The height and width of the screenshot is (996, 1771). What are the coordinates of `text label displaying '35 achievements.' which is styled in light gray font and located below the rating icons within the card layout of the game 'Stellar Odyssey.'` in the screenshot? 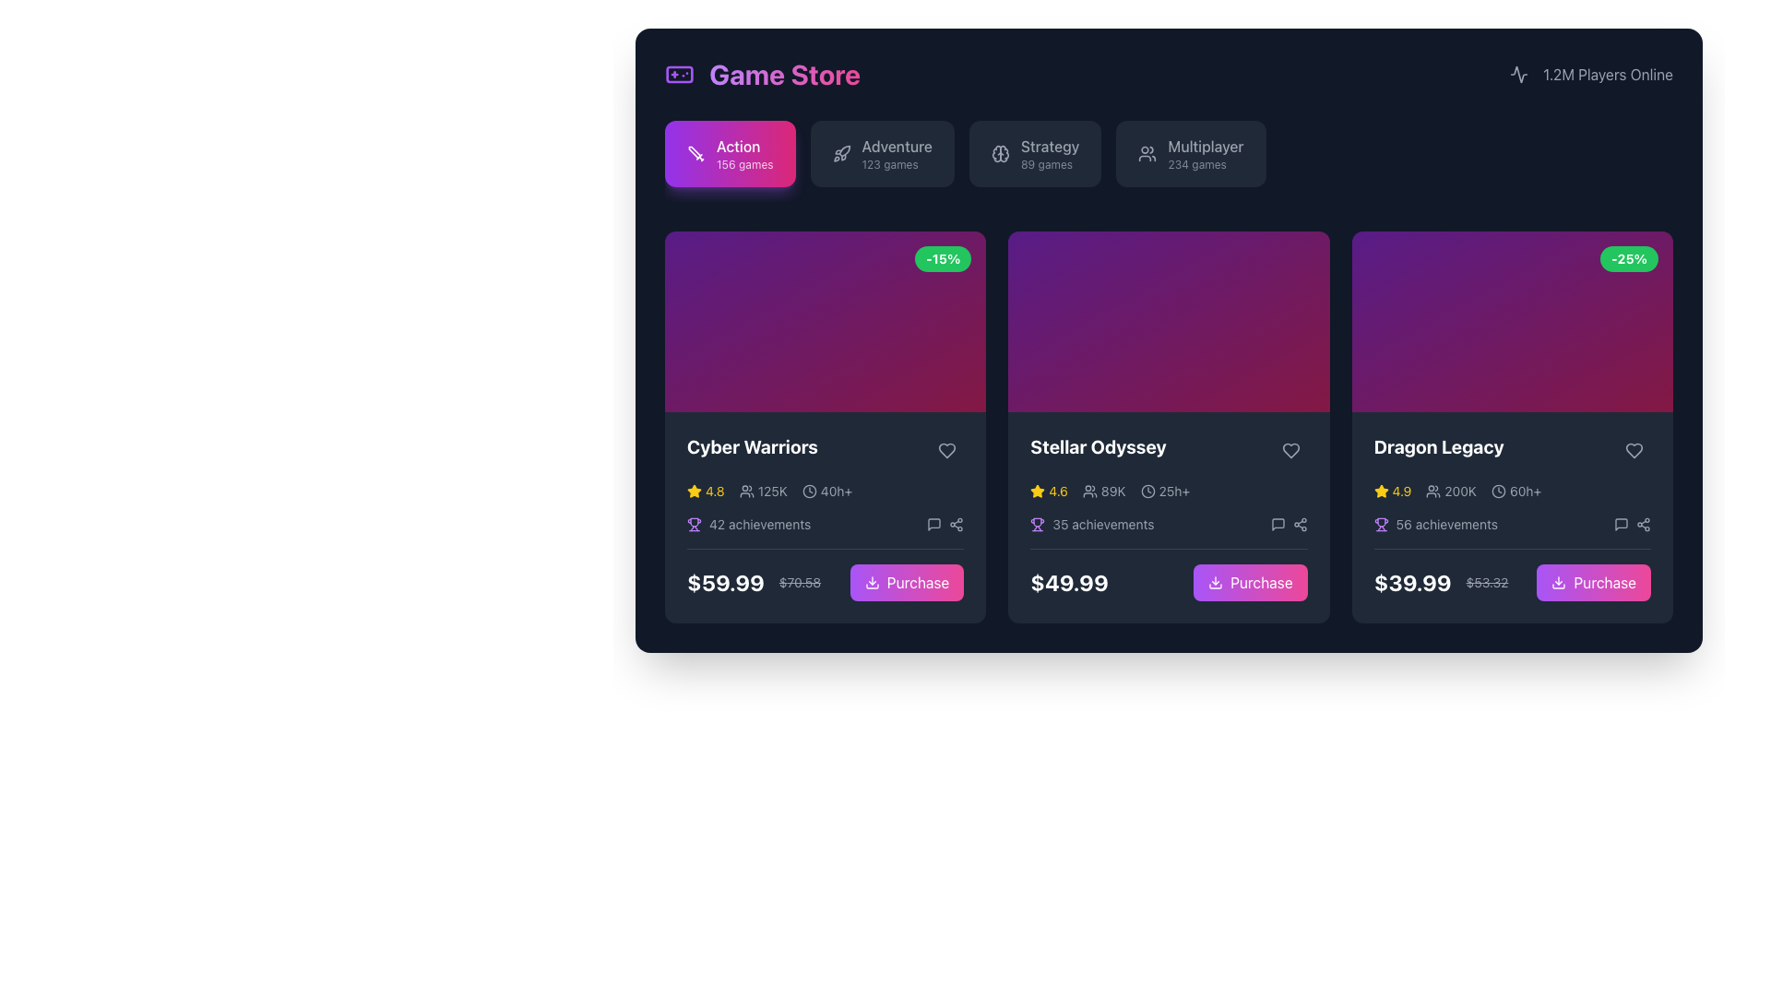 It's located at (1103, 524).